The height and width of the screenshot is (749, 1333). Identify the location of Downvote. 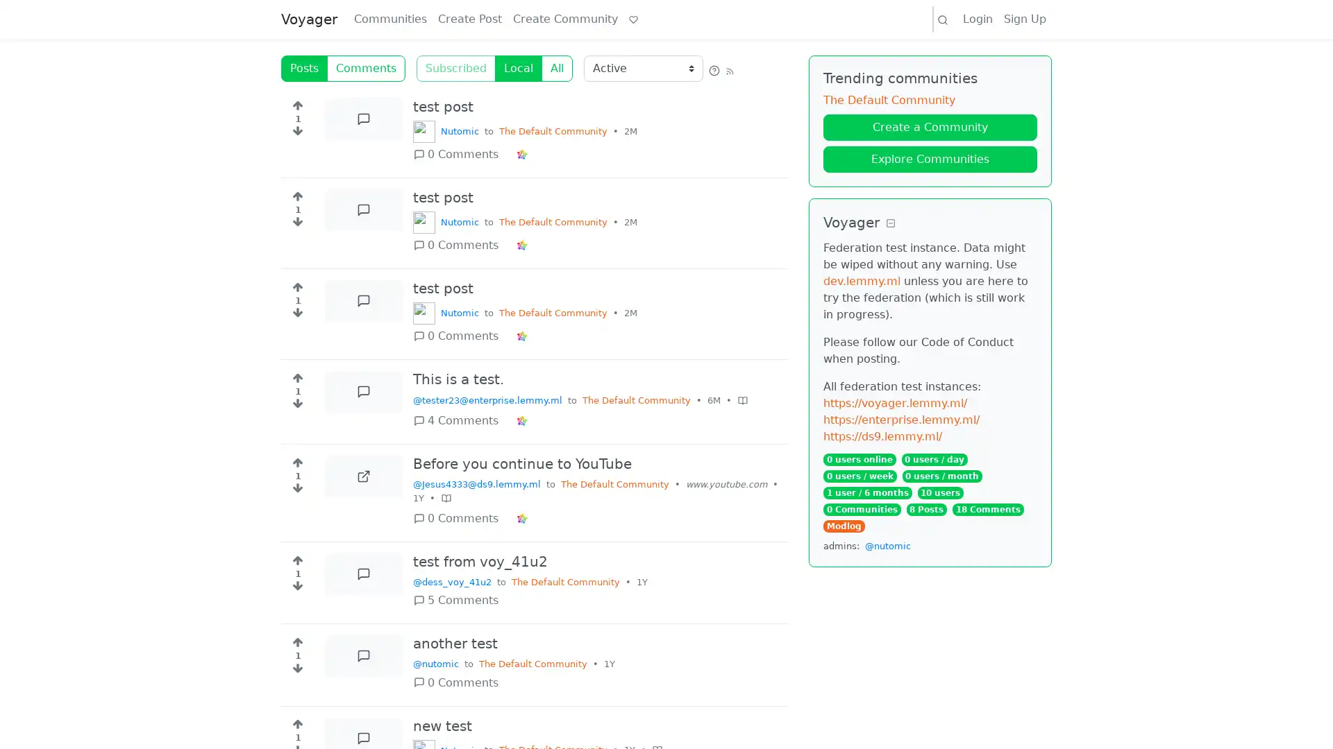
(296, 316).